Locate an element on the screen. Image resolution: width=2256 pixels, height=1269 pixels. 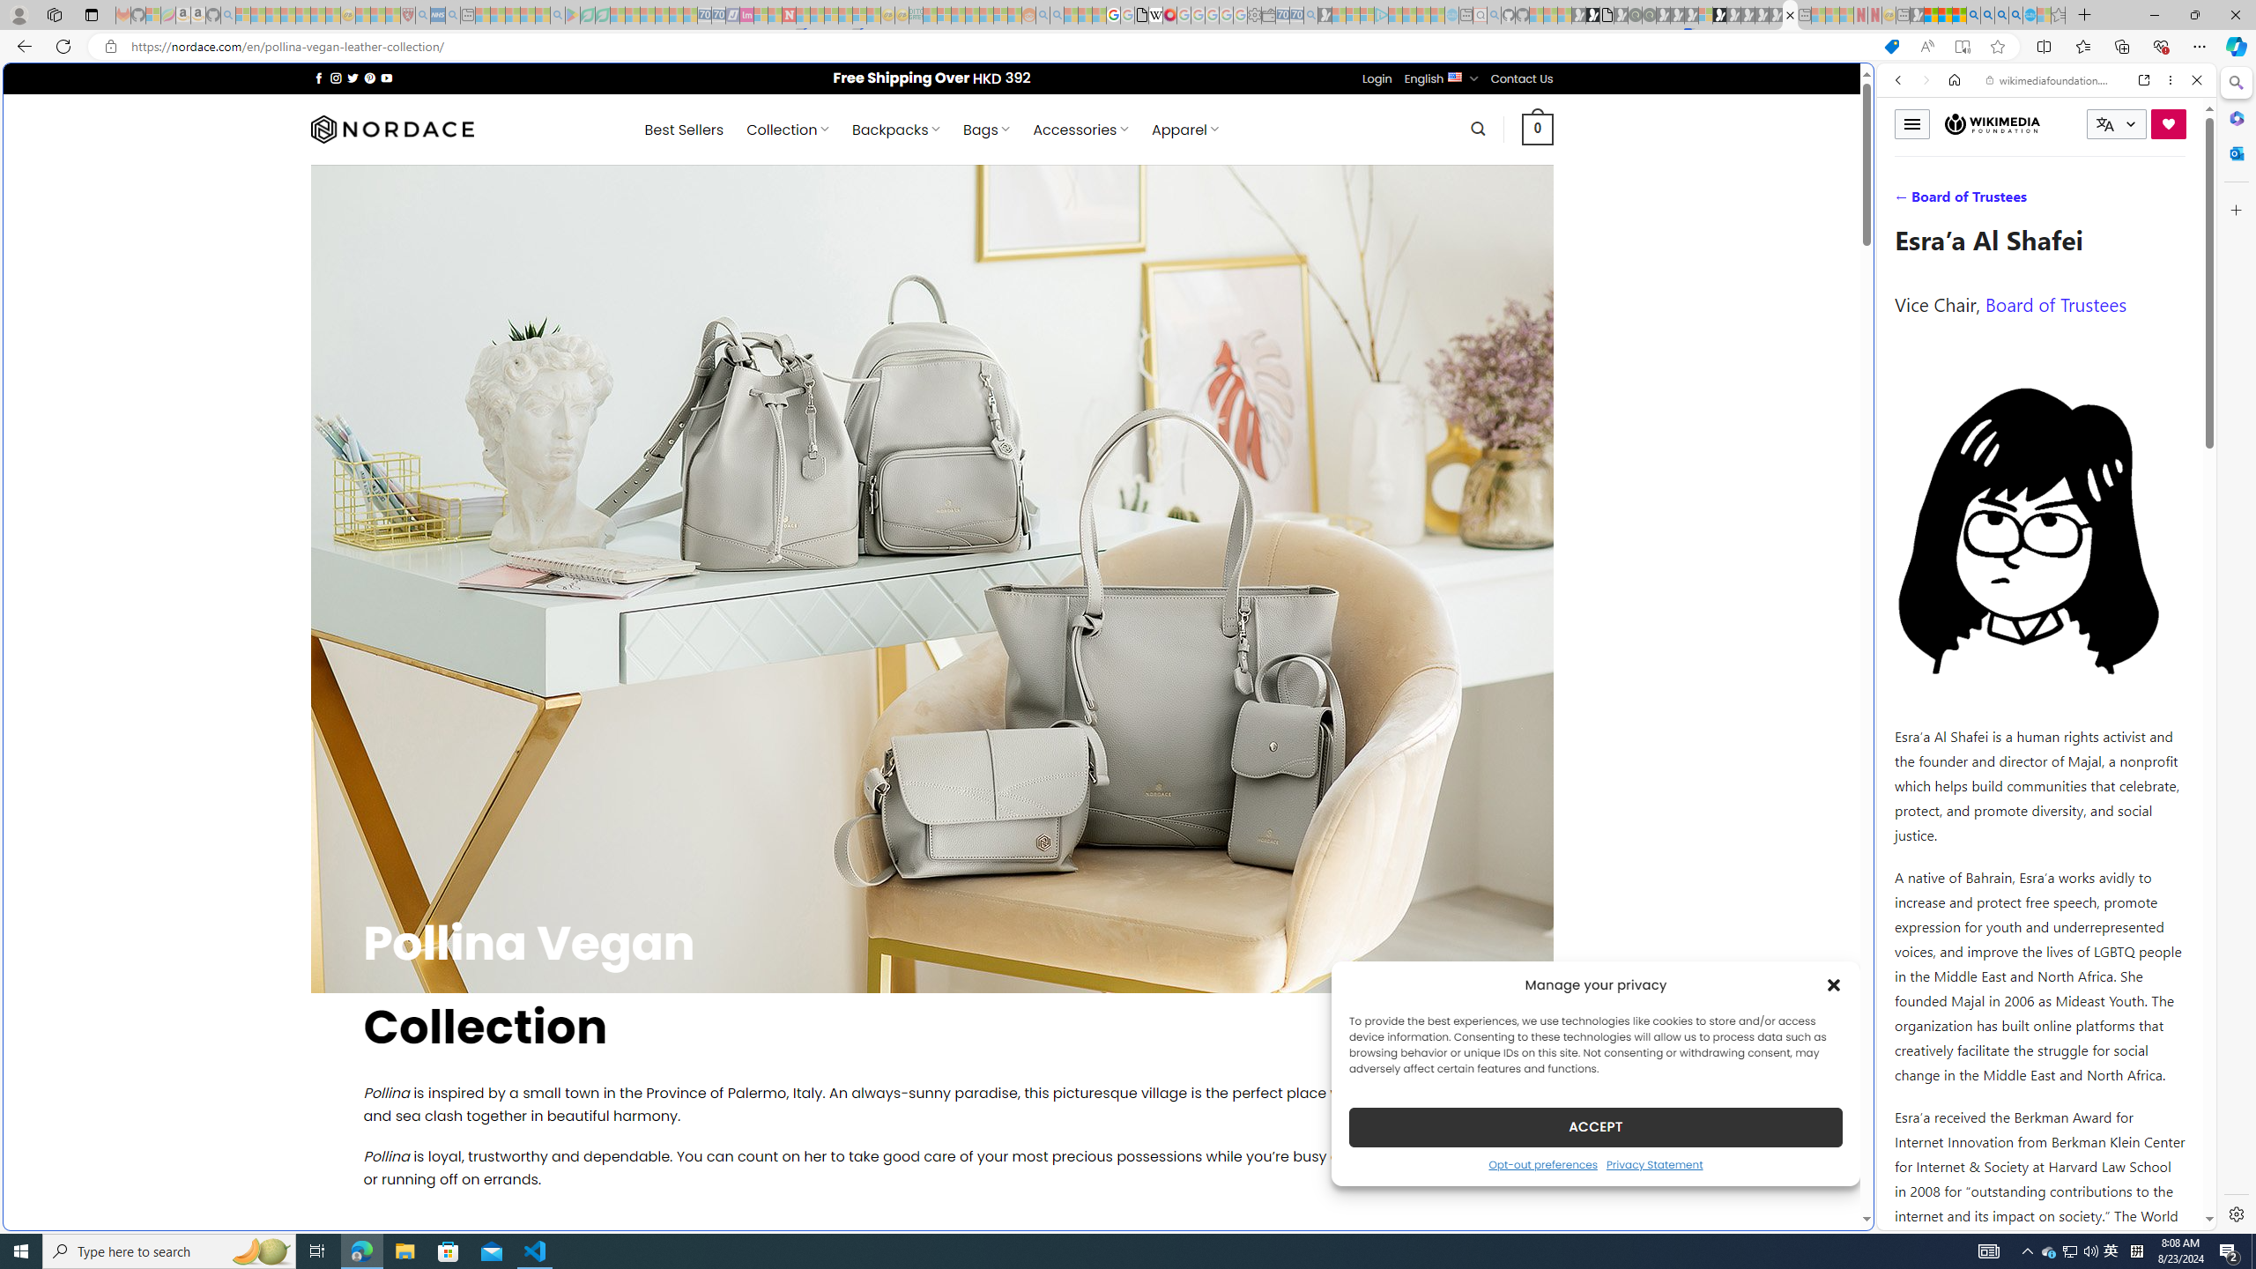
'Follow on YouTube' is located at coordinates (387, 78).